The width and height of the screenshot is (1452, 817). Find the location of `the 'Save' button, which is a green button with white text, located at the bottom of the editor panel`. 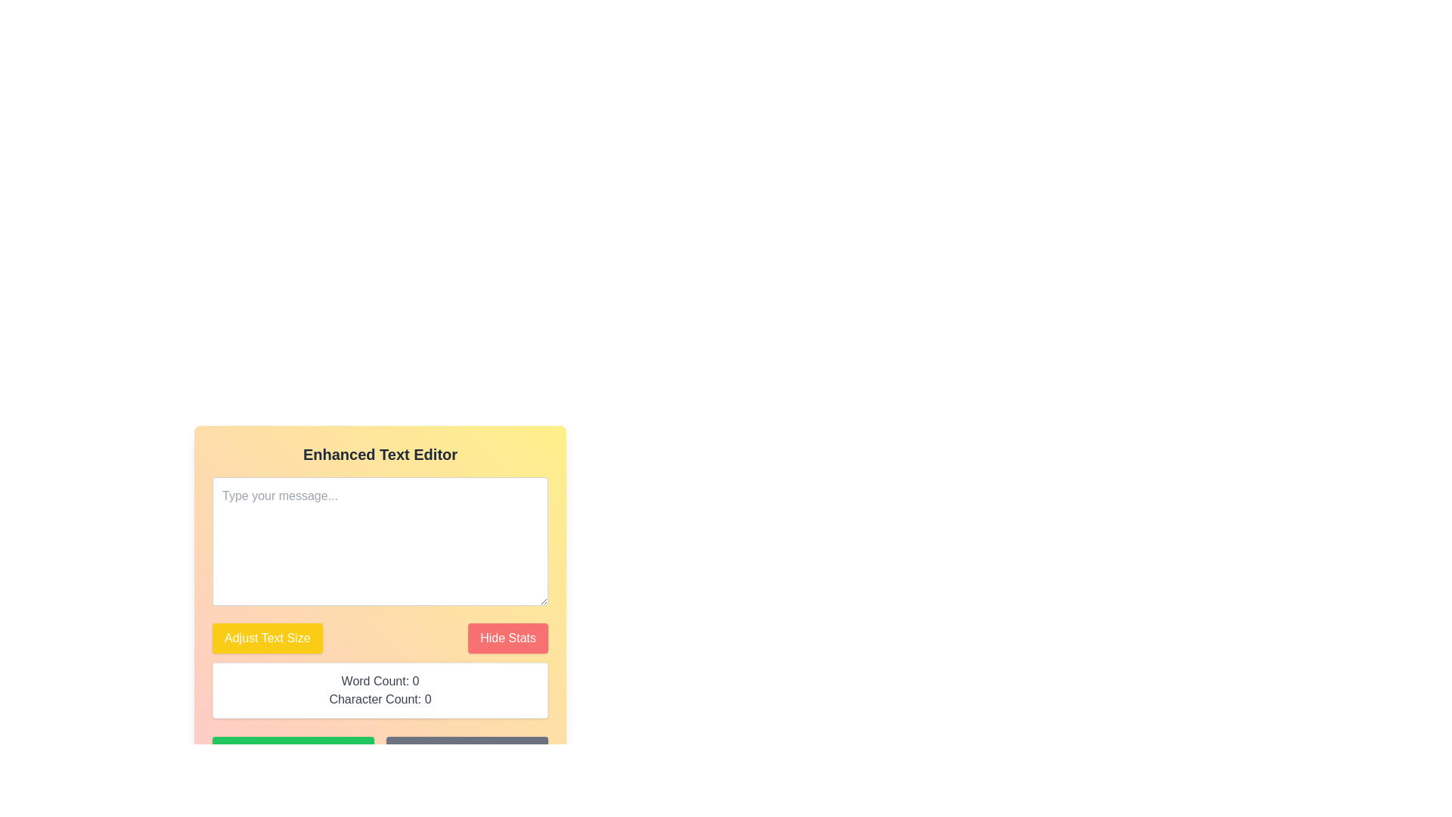

the 'Save' button, which is a green button with white text, located at the bottom of the editor panel is located at coordinates (293, 752).